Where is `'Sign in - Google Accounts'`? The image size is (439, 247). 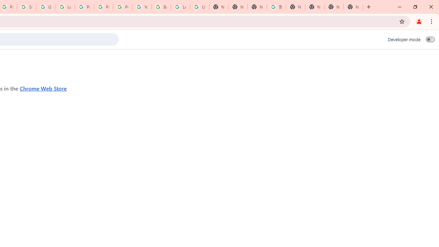
'Sign in - Google Accounts' is located at coordinates (27, 7).